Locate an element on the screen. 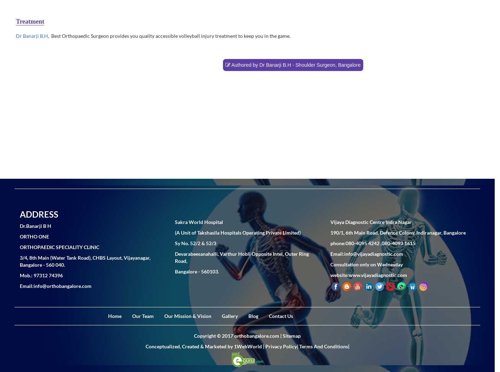  'Copyright © 2017 orthobangalore.com |' is located at coordinates (238, 335).